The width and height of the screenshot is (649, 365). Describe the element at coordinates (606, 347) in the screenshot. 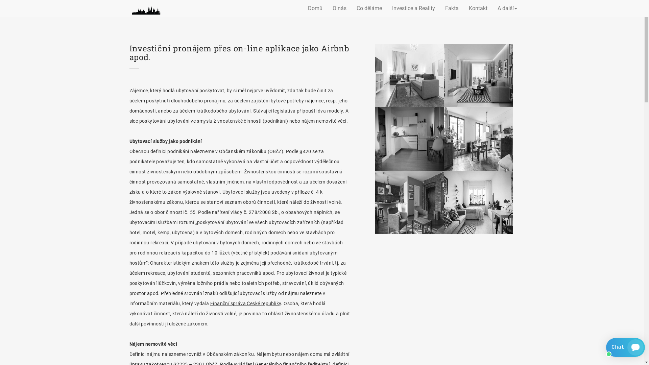

I see `'Smartsupp widget button'` at that location.